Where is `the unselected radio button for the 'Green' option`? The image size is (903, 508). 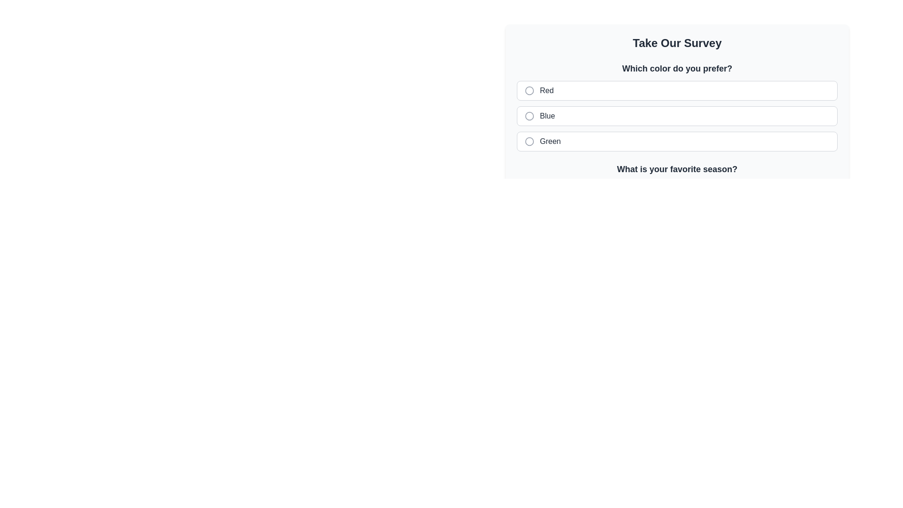
the unselected radio button for the 'Green' option is located at coordinates (530, 141).